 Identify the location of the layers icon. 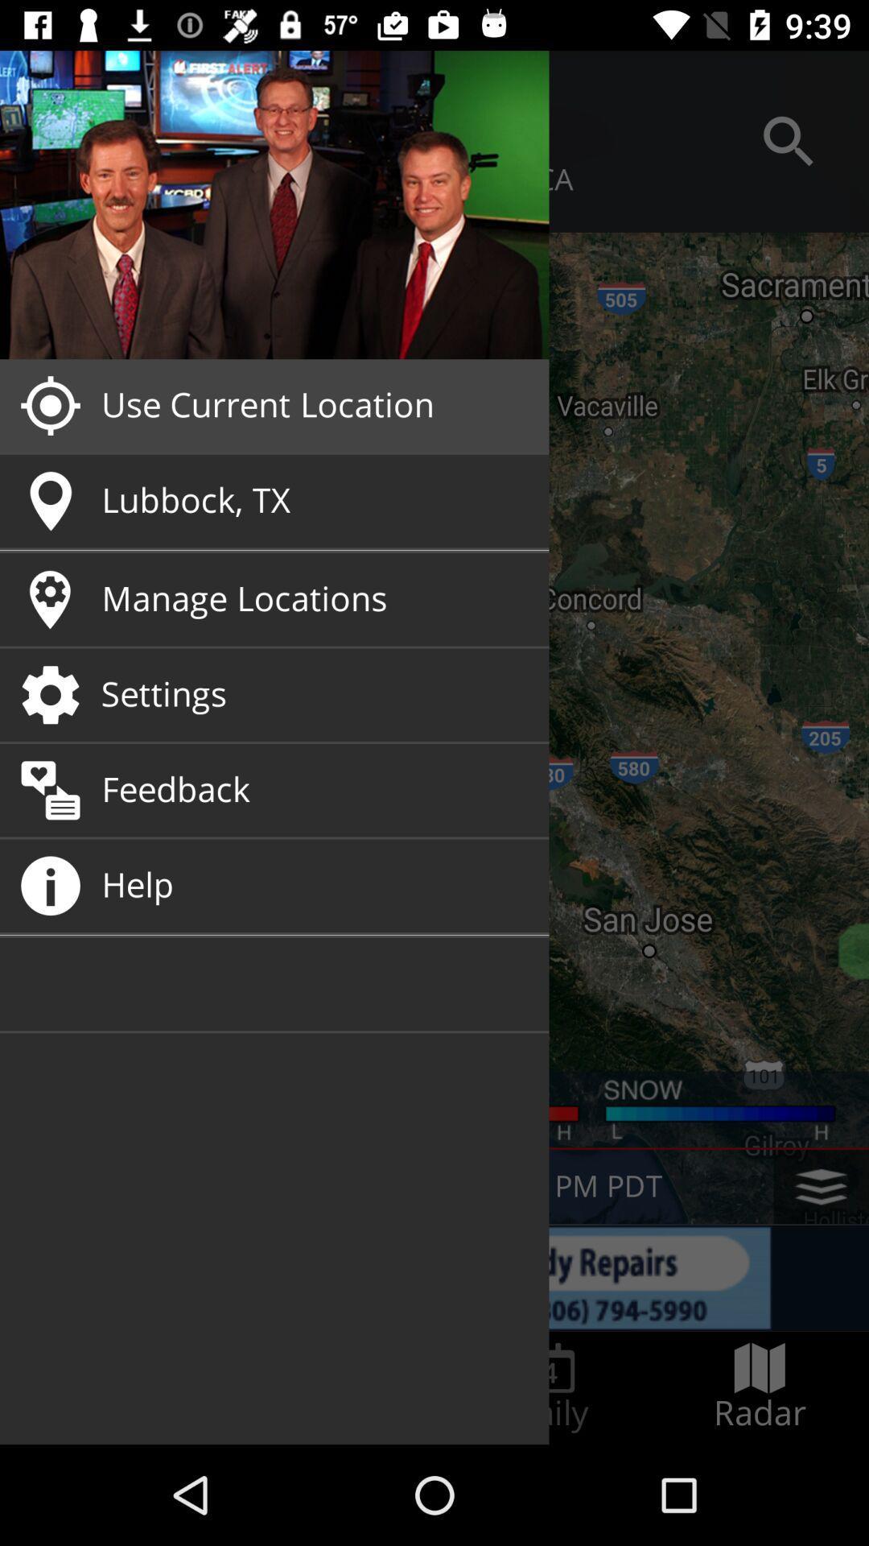
(821, 1187).